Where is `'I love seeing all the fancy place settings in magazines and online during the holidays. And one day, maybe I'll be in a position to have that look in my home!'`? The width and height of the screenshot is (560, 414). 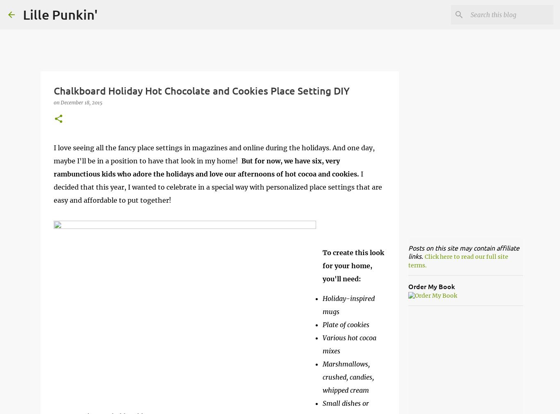 'I love seeing all the fancy place settings in magazines and online during the holidays. And one day, maybe I'll be in a position to have that look in my home!' is located at coordinates (53, 154).